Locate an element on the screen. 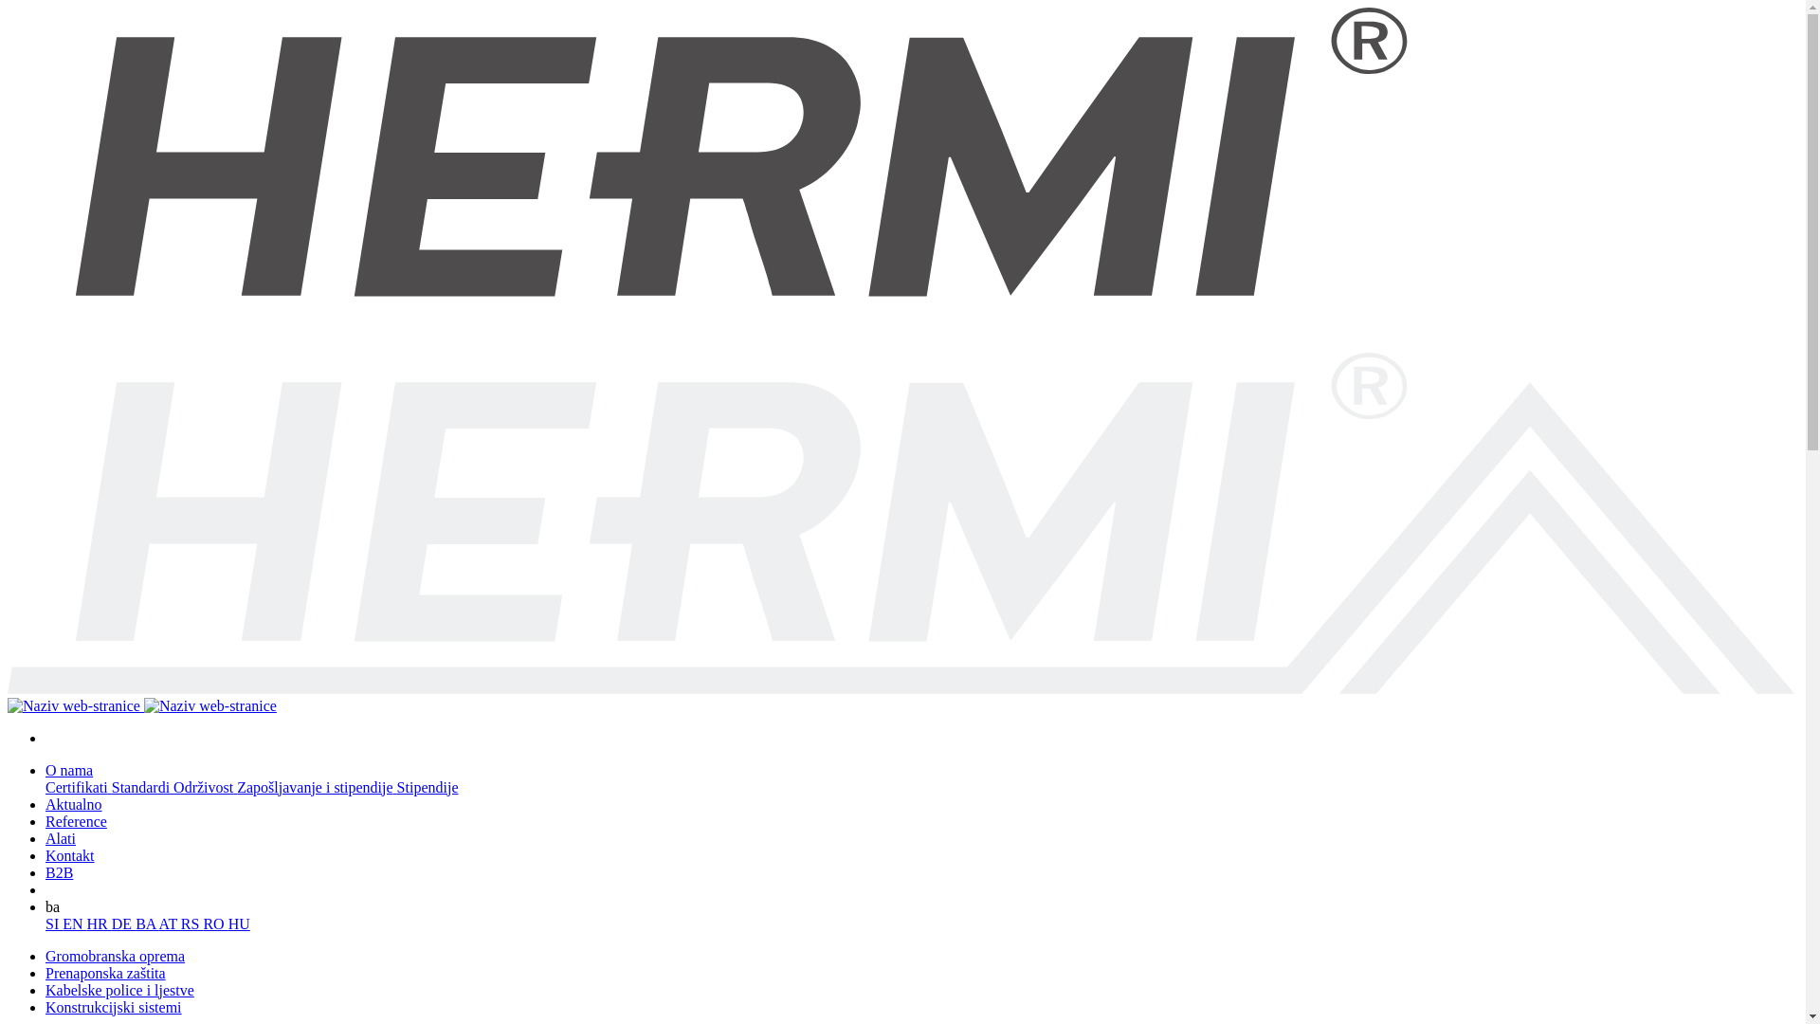  'RO' is located at coordinates (203, 923).